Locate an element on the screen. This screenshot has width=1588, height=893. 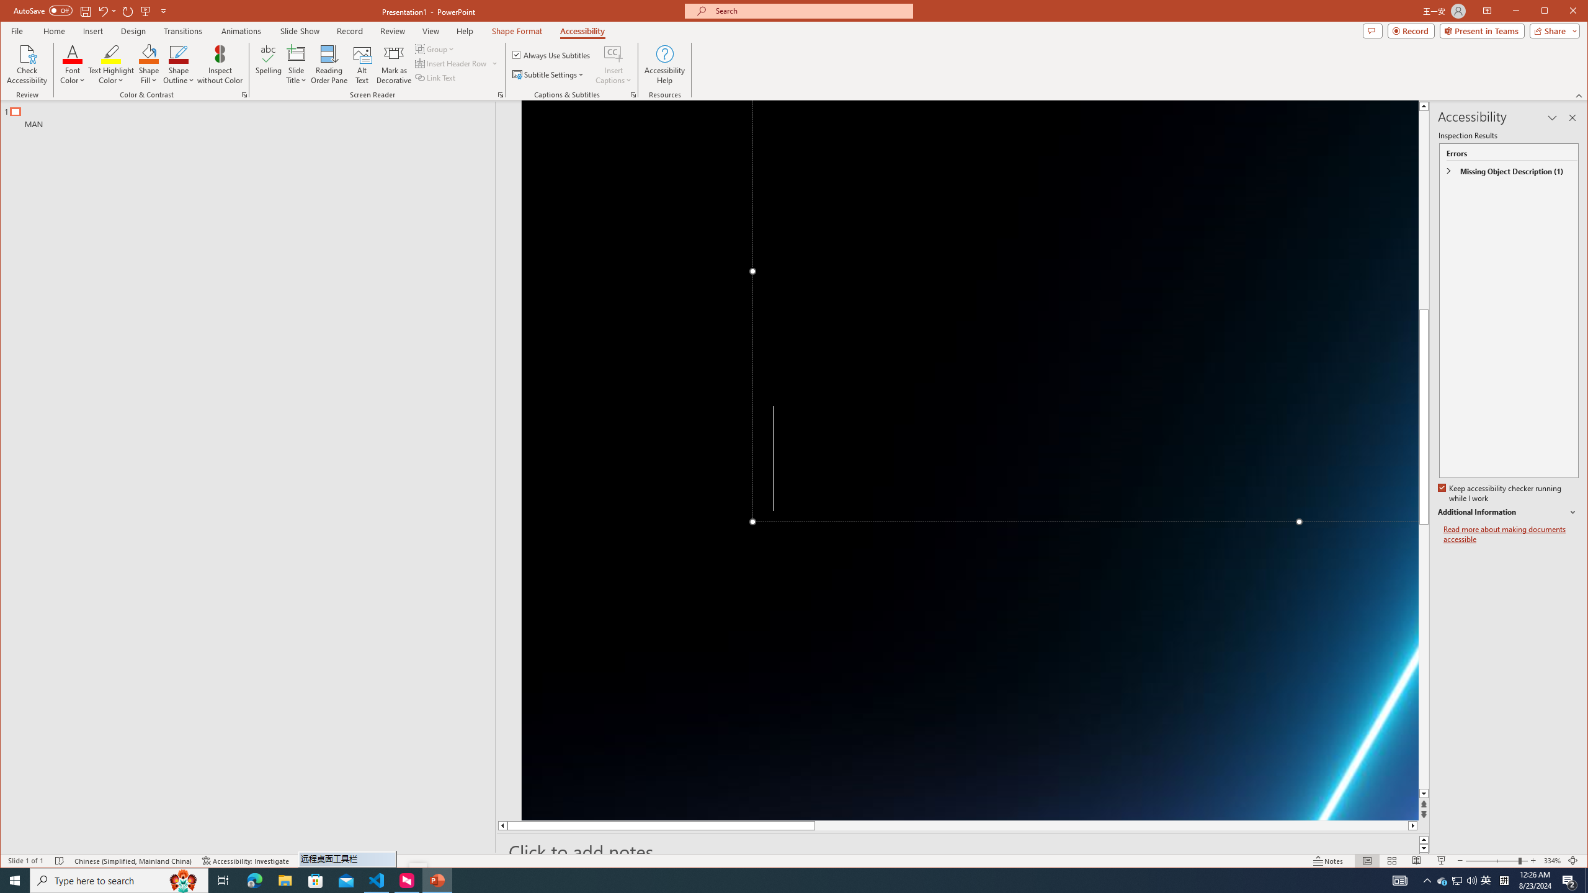
'Spelling...' is located at coordinates (268, 64).